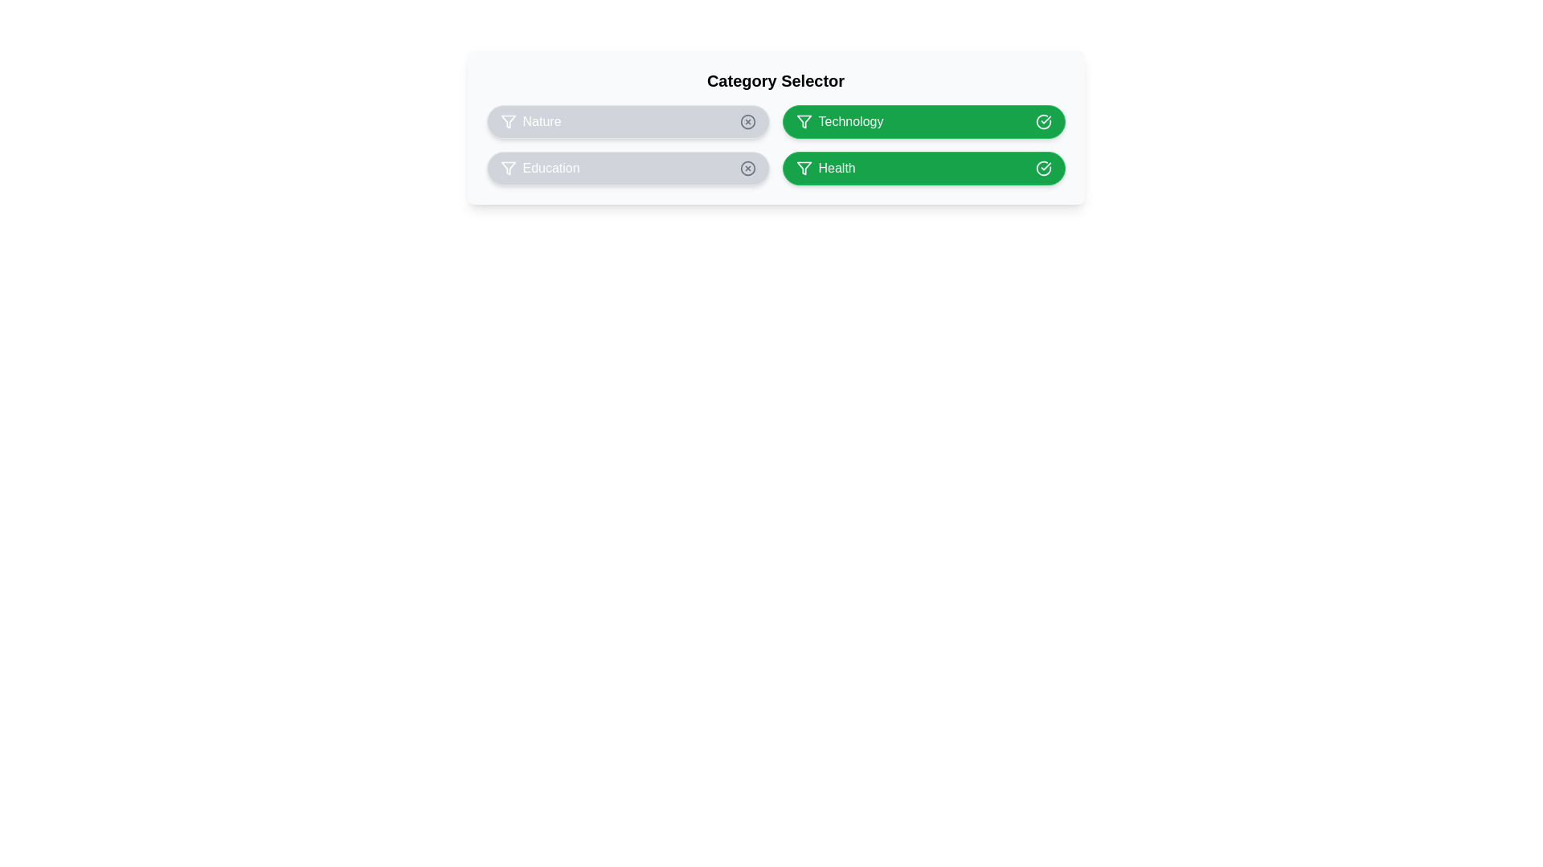 The height and width of the screenshot is (867, 1543). I want to click on the tag Health by clicking on it, so click(923, 168).